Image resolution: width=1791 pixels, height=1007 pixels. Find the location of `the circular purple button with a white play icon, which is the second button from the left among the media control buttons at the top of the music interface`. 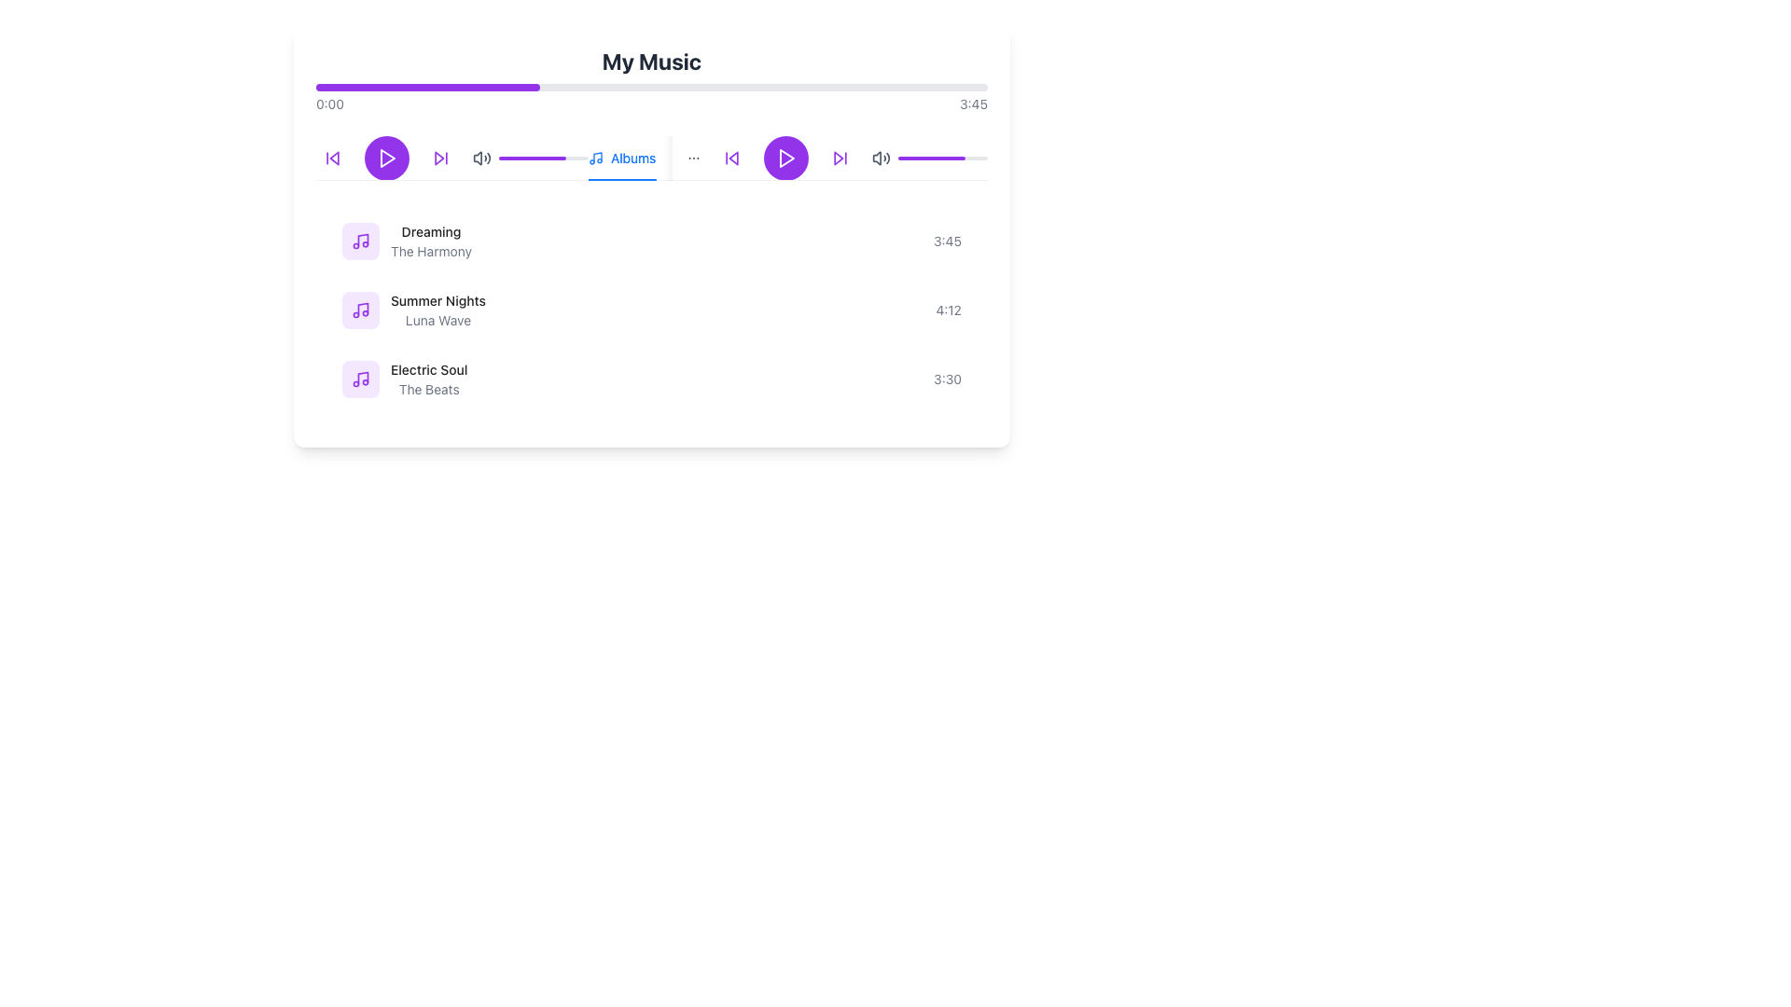

the circular purple button with a white play icon, which is the second button from the left among the media control buttons at the top of the music interface is located at coordinates (385, 157).